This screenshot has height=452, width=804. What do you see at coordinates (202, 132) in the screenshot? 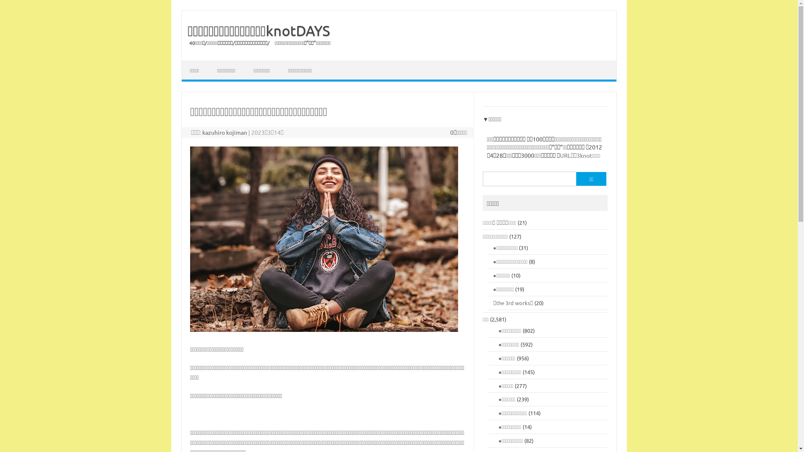
I see `'kazuhiro kojiman'` at bounding box center [202, 132].